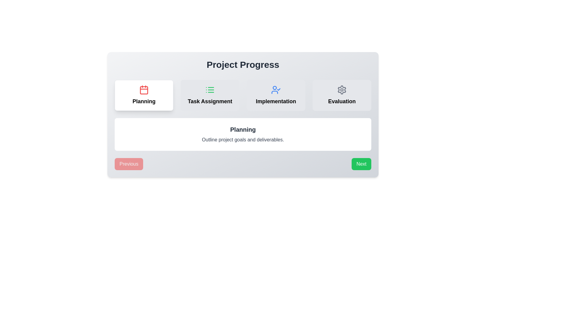  I want to click on assistive reading tools, so click(143, 101).